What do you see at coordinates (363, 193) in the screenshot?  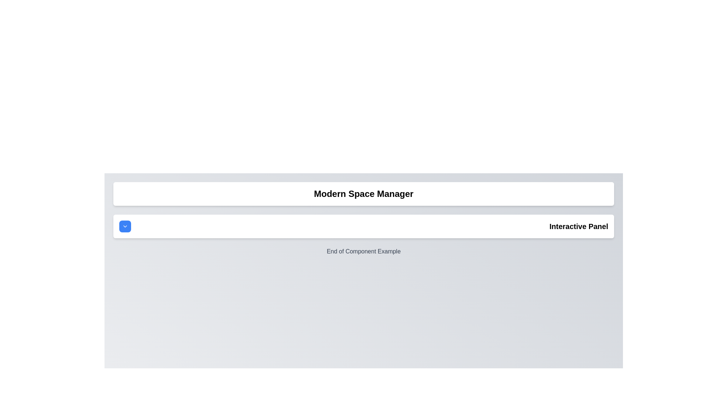 I see `the text label displaying 'Modern Space Manager', which is a bold and large header positioned above the 'Interactive Panel'` at bounding box center [363, 193].